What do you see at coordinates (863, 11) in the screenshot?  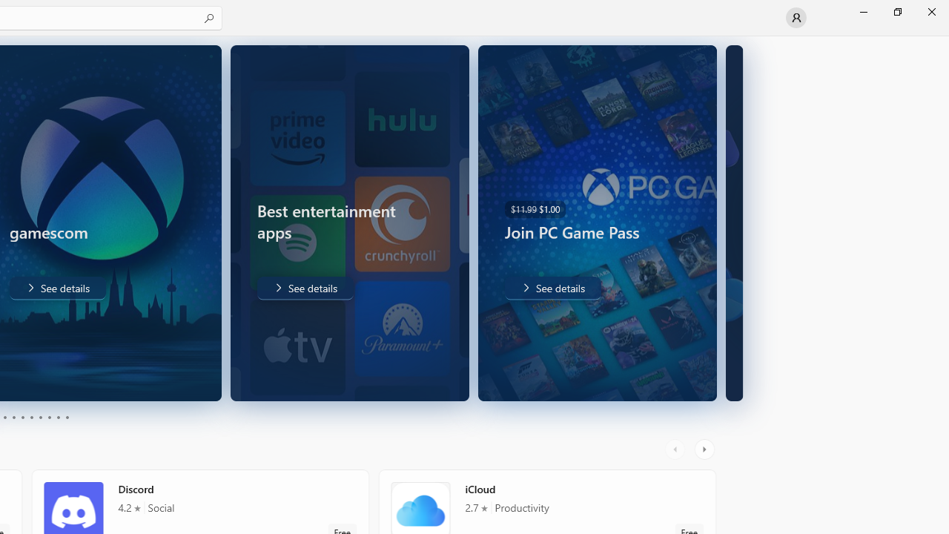 I see `'Minimize Microsoft Store'` at bounding box center [863, 11].